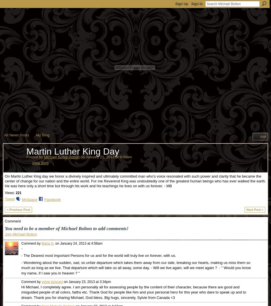 Image resolution: width=271 pixels, height=306 pixels. Describe the element at coordinates (105, 157) in the screenshot. I see `'on January 21, 2013 at 9:00am'` at that location.